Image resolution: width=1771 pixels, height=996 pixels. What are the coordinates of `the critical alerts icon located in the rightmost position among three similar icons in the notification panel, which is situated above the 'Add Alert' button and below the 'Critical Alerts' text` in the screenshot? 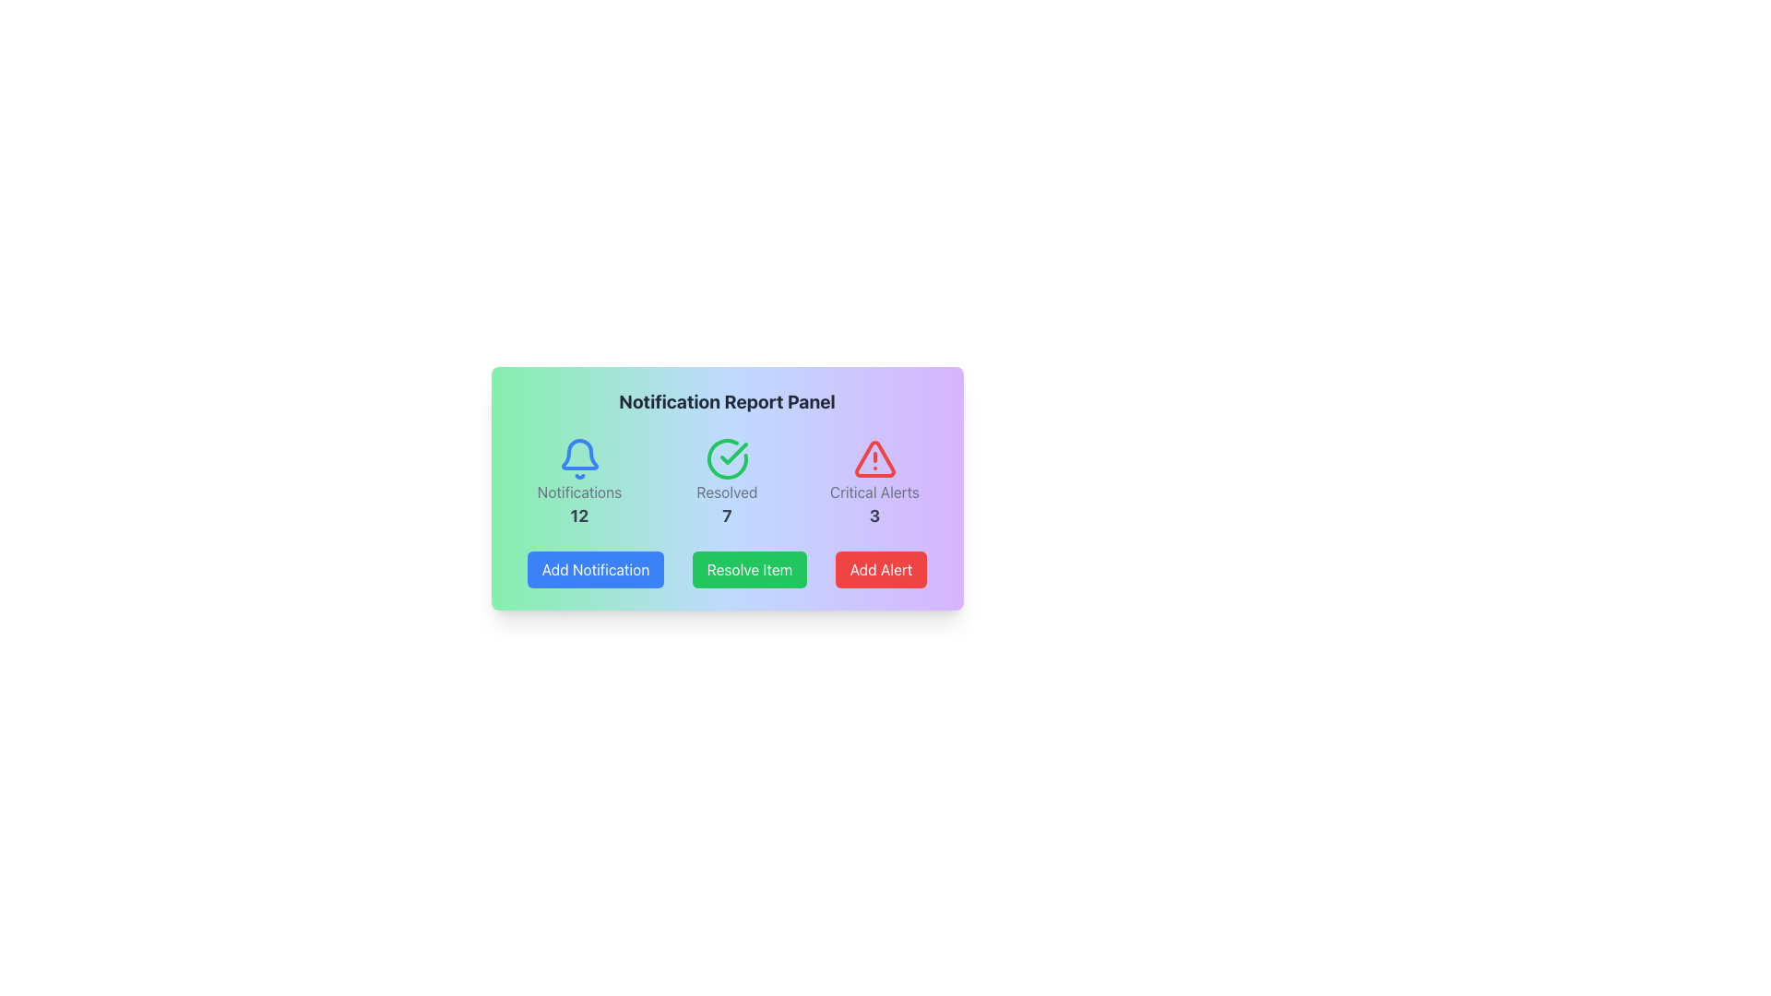 It's located at (874, 457).